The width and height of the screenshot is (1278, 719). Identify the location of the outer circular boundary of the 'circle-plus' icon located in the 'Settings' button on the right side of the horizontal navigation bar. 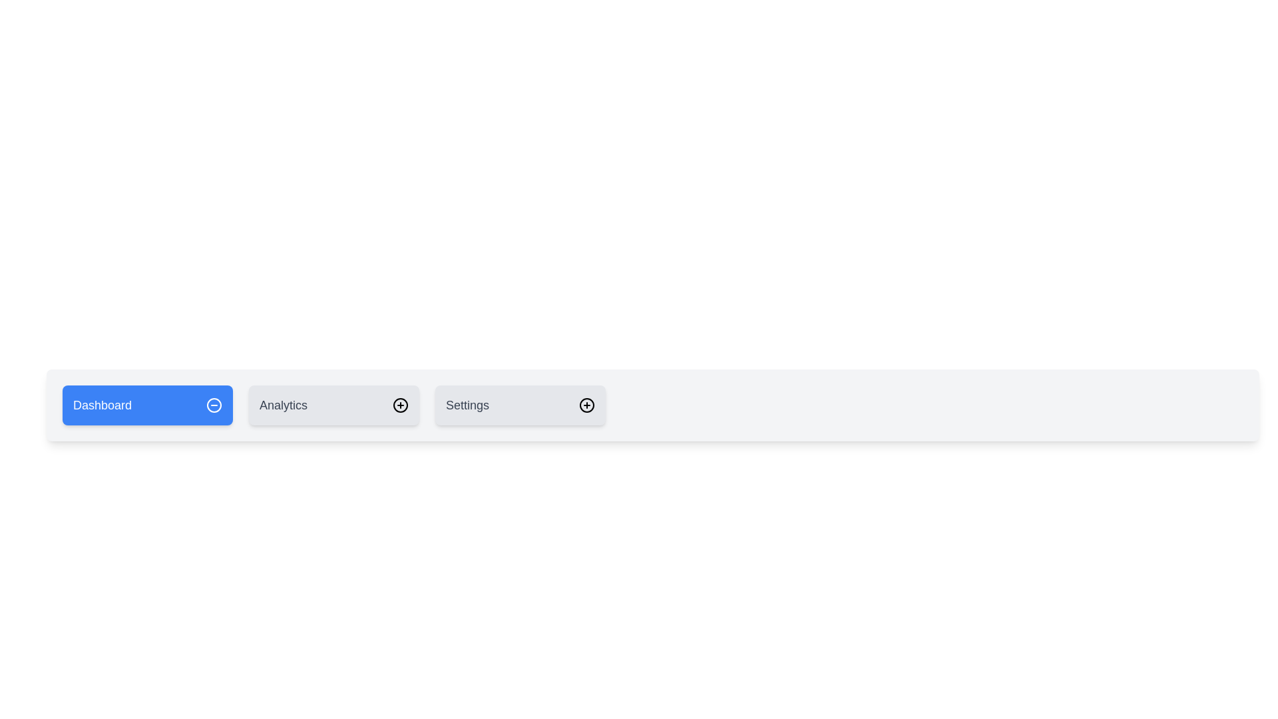
(586, 405).